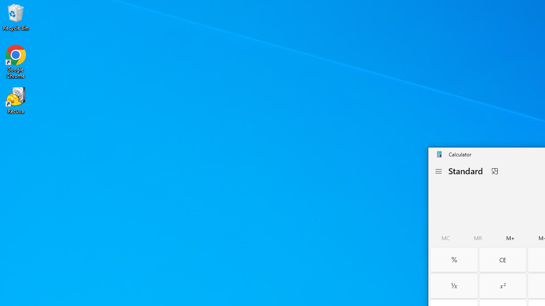 The width and height of the screenshot is (545, 306). Describe the element at coordinates (502, 259) in the screenshot. I see `'Clear entry'` at that location.